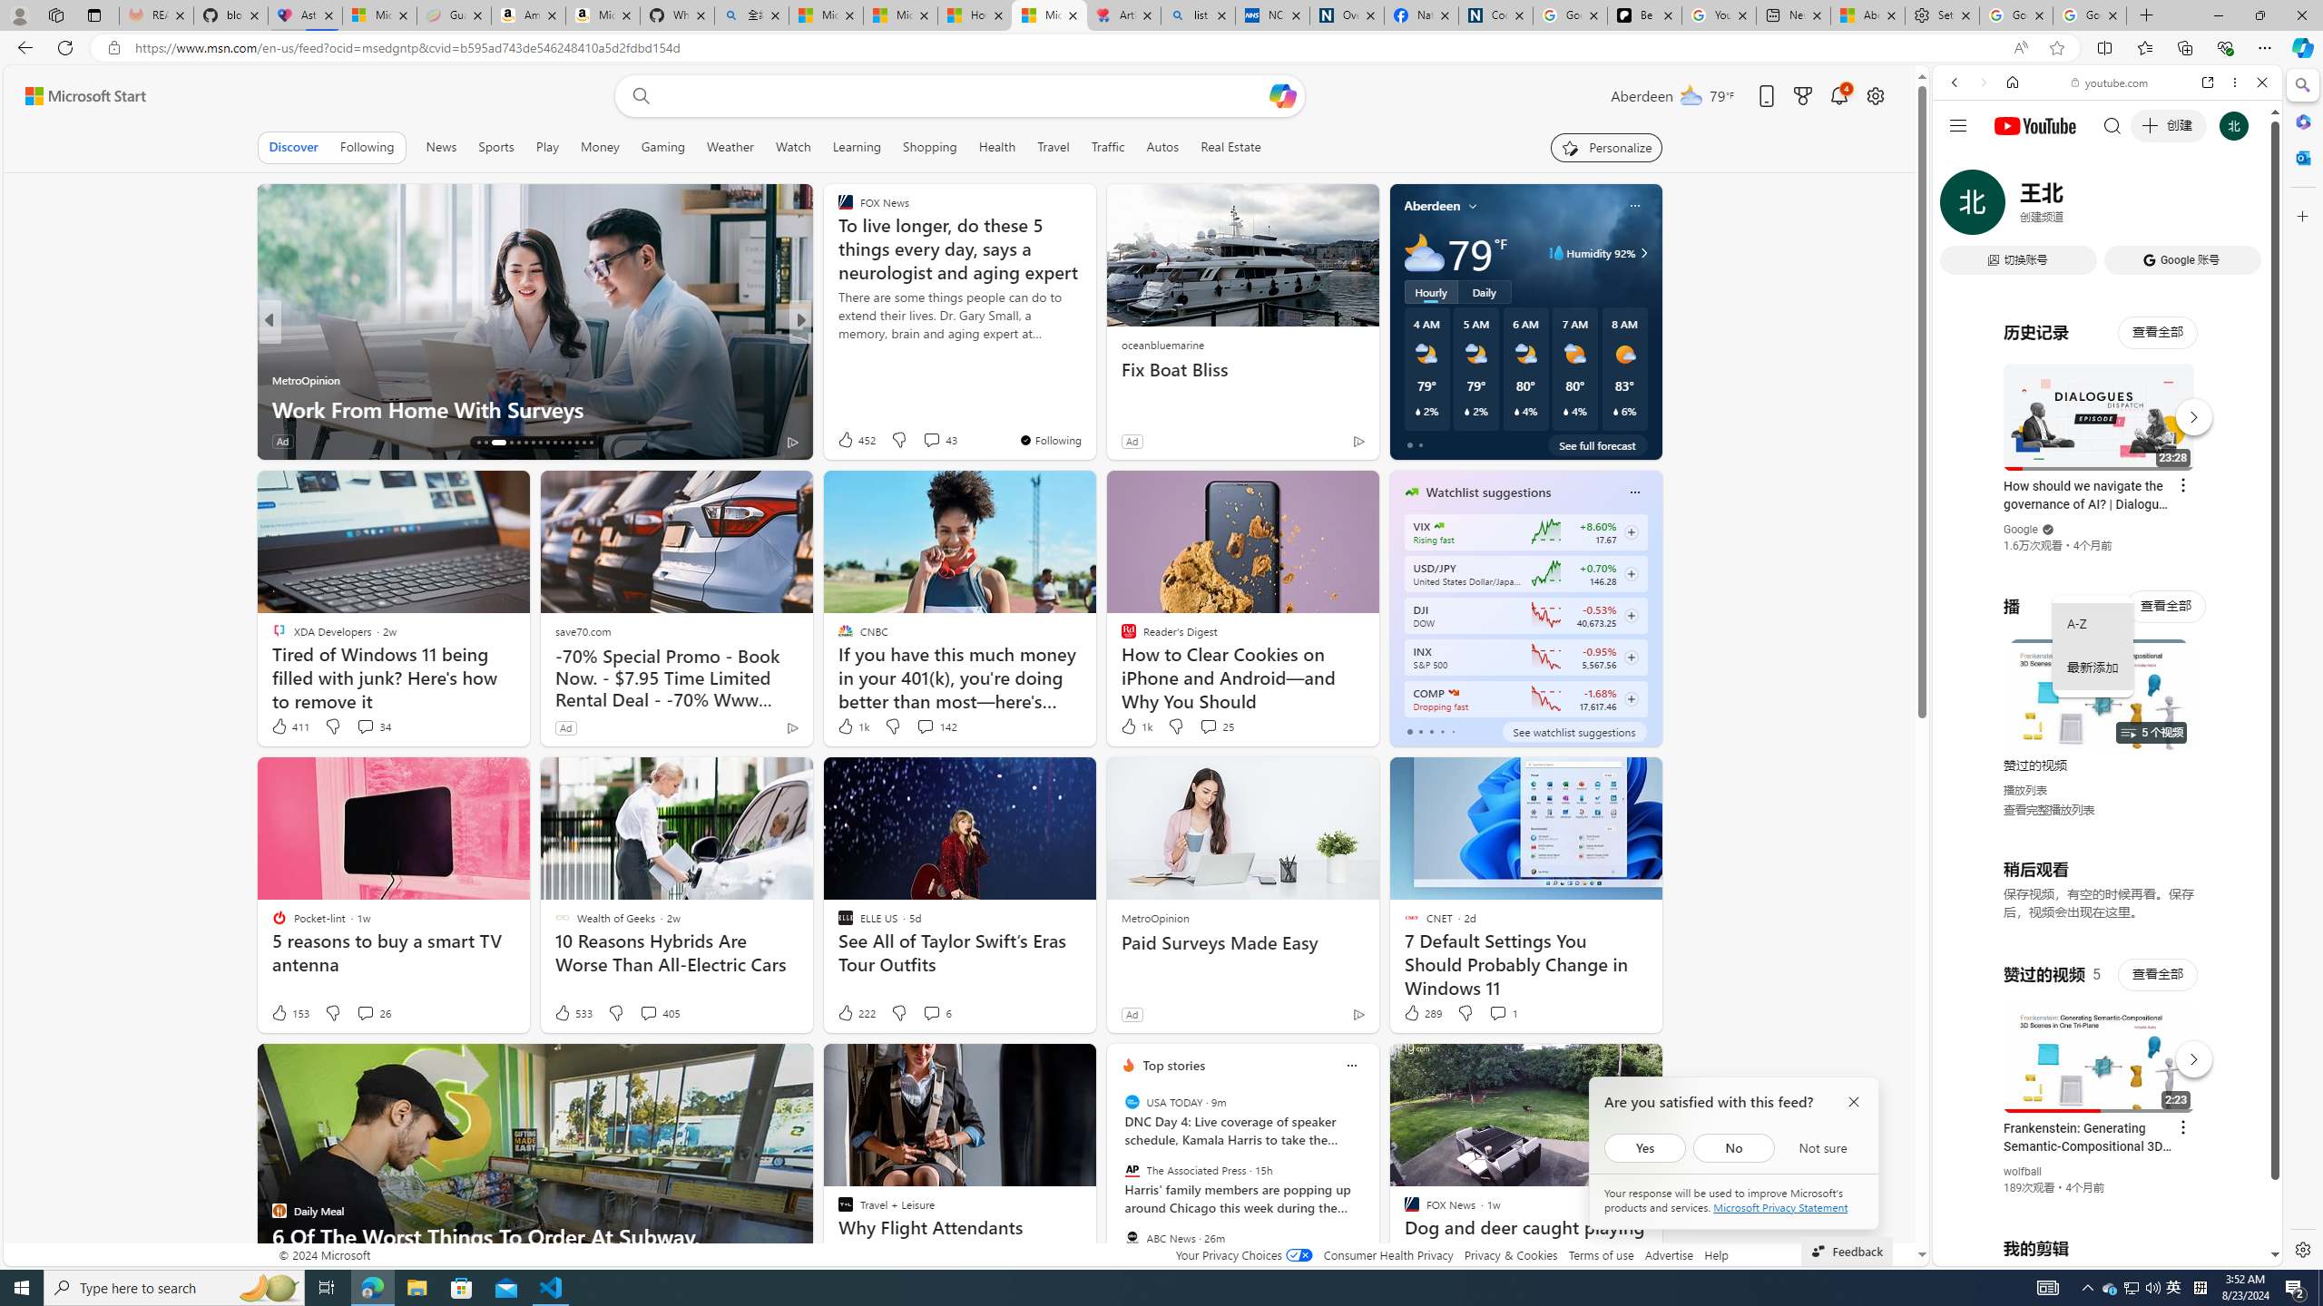  What do you see at coordinates (1780, 1206) in the screenshot?
I see `'Microsoft Privacy Statement'` at bounding box center [1780, 1206].